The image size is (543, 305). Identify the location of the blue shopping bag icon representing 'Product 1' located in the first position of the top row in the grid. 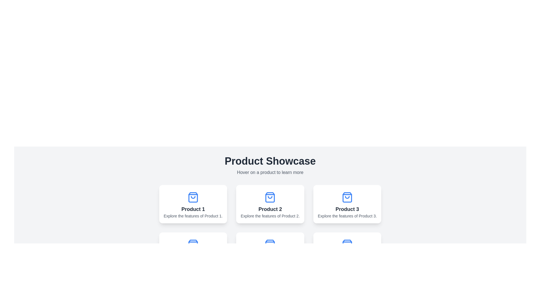
(193, 197).